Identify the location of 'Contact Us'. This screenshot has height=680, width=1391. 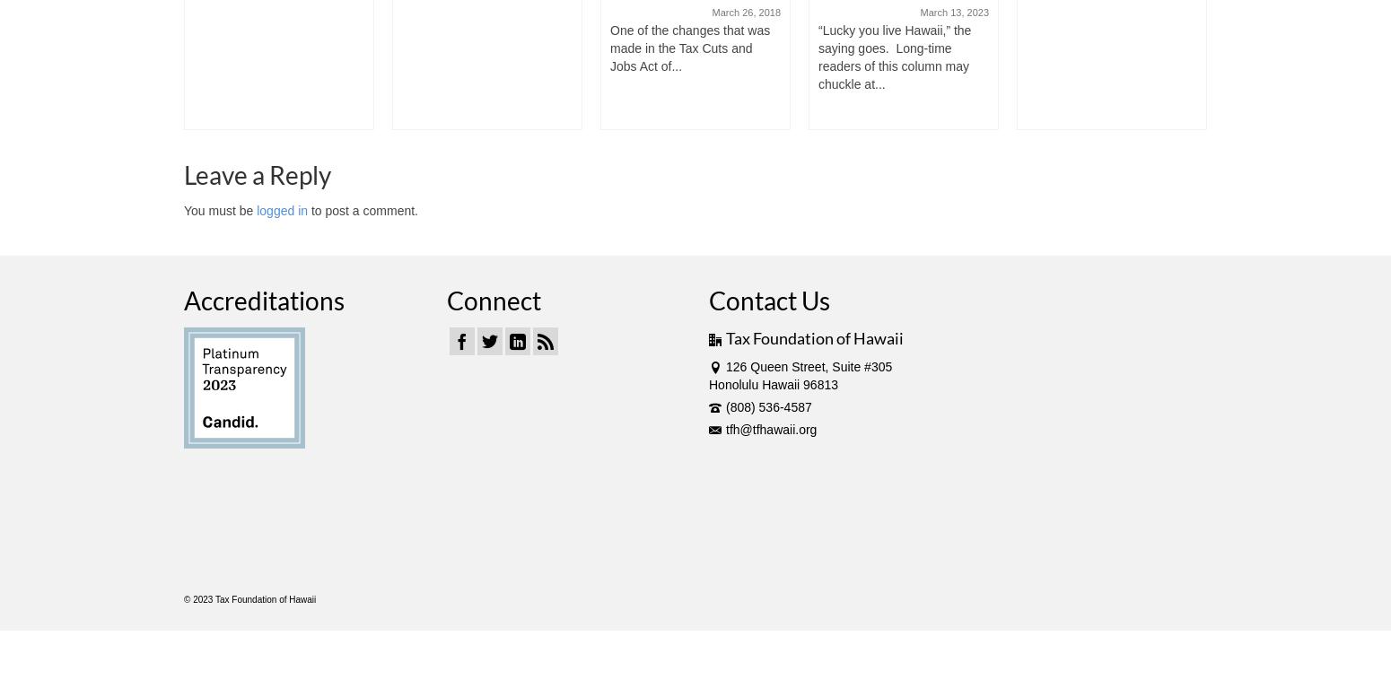
(708, 301).